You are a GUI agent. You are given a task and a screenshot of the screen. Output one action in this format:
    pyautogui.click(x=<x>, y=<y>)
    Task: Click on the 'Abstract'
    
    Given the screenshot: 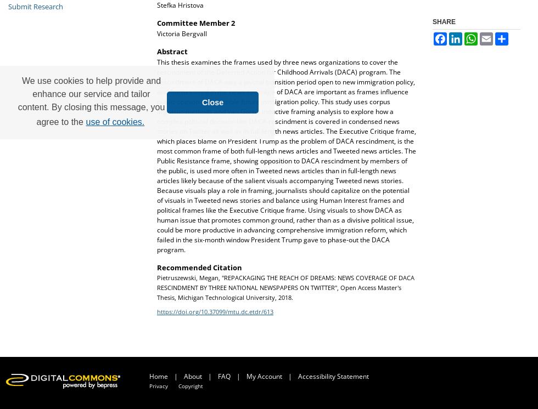 What is the action you would take?
    pyautogui.click(x=172, y=51)
    